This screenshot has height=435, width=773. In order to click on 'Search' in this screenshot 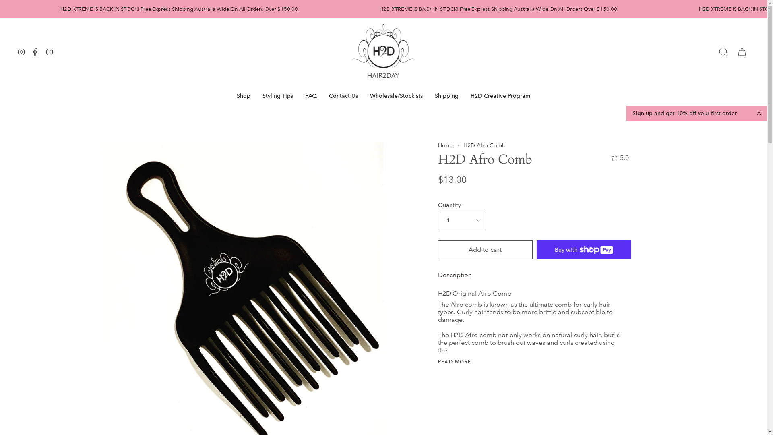, I will do `click(723, 52)`.